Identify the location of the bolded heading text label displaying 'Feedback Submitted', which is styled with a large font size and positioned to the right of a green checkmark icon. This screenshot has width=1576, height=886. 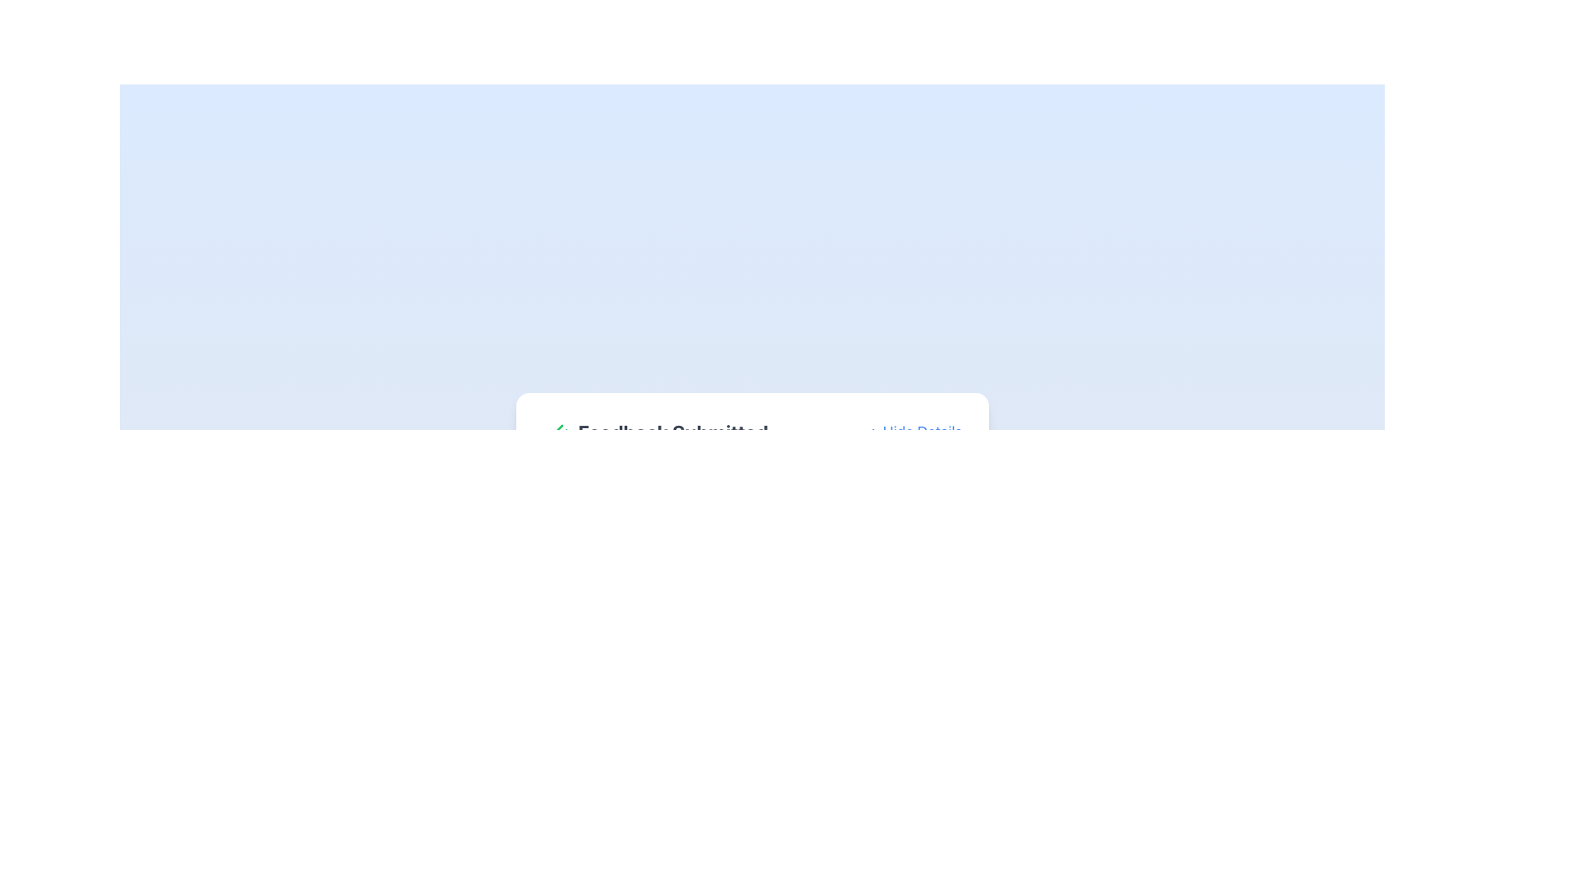
(673, 431).